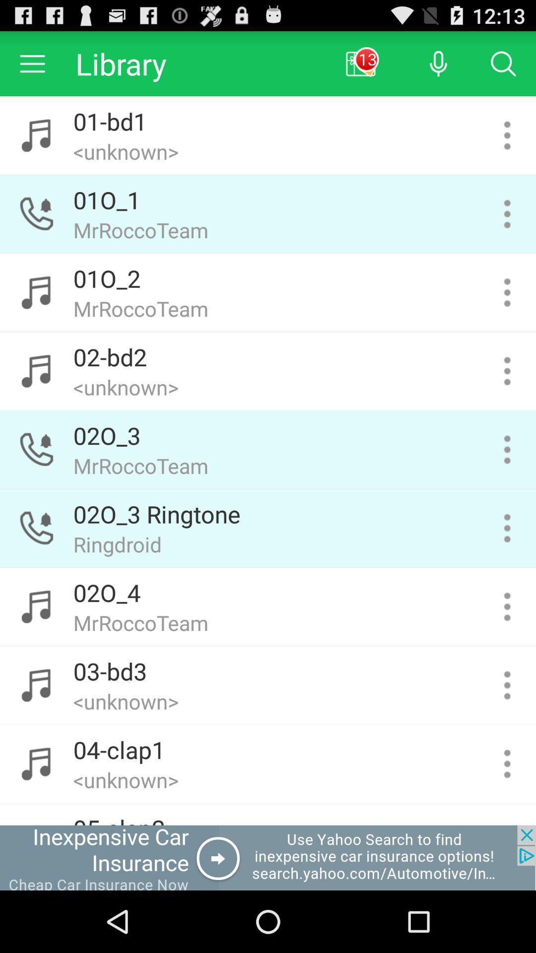 Image resolution: width=536 pixels, height=953 pixels. What do you see at coordinates (507, 684) in the screenshot?
I see `open context menu` at bounding box center [507, 684].